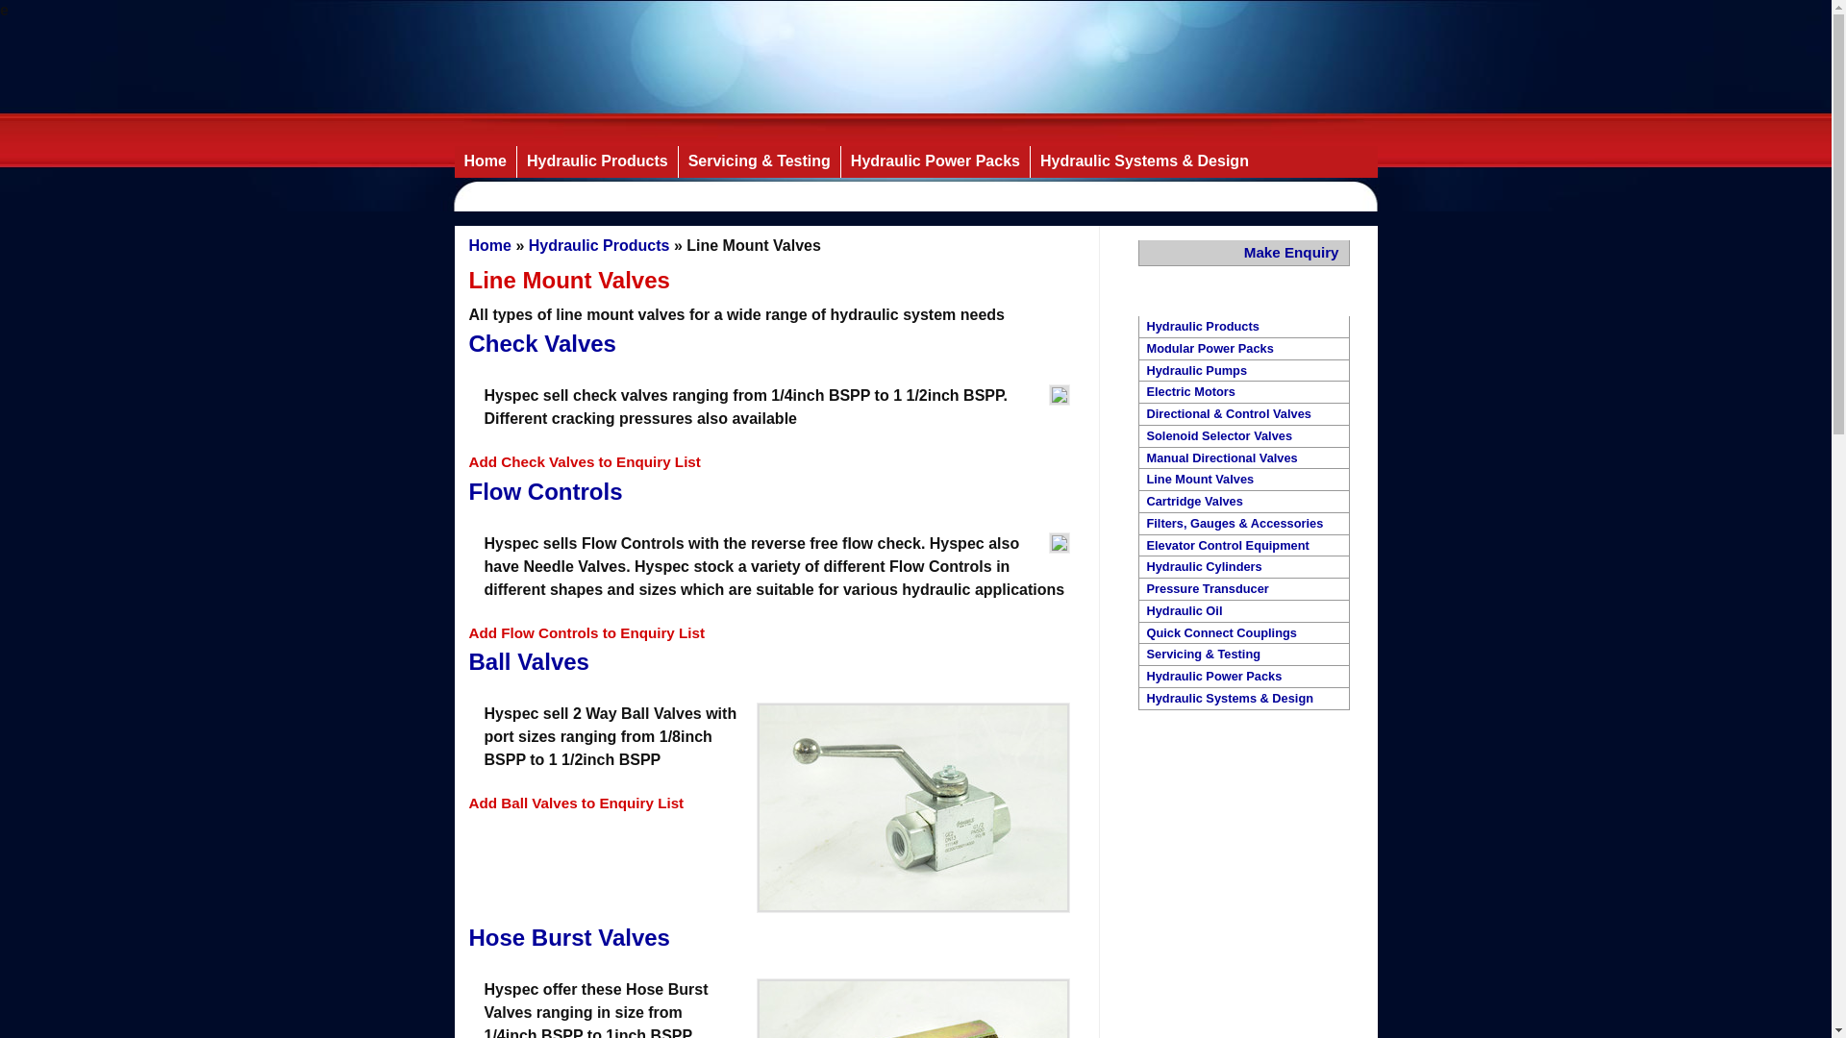 This screenshot has height=1038, width=1846. I want to click on 'Hose Burst Valves', so click(469, 936).